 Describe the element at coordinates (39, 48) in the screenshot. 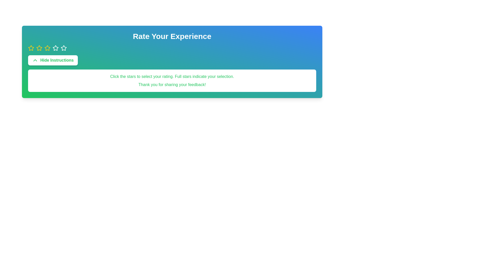

I see `the second rating star icon` at that location.